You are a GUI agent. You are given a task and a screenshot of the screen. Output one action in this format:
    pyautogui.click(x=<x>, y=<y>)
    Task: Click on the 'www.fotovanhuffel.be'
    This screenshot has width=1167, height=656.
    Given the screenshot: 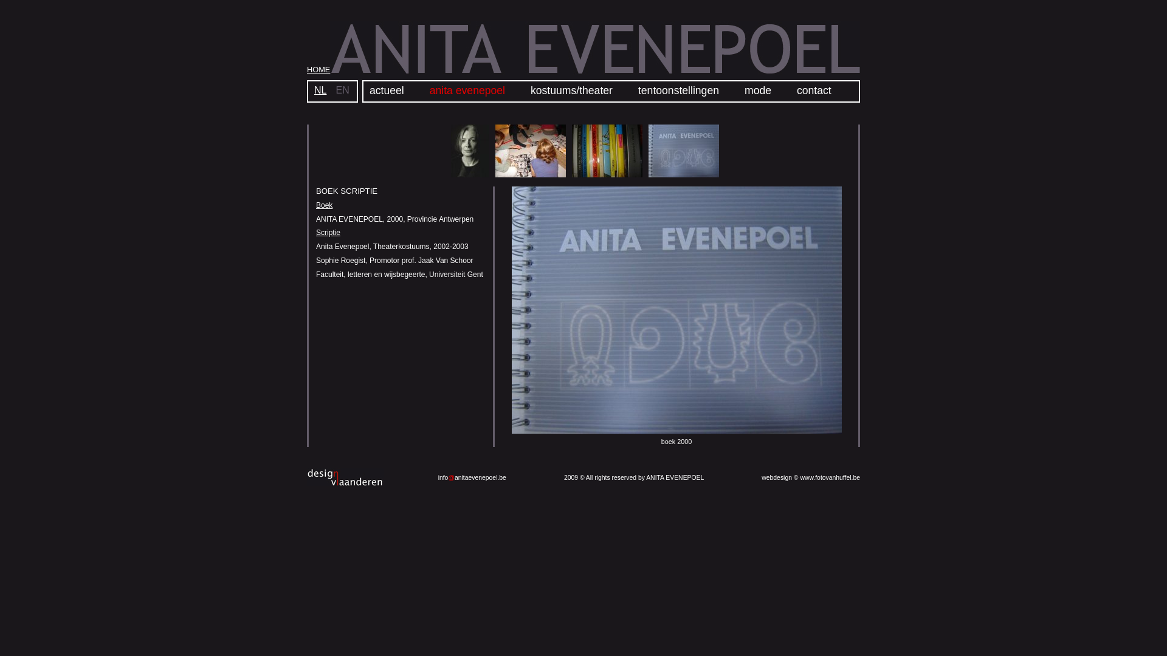 What is the action you would take?
    pyautogui.click(x=829, y=477)
    